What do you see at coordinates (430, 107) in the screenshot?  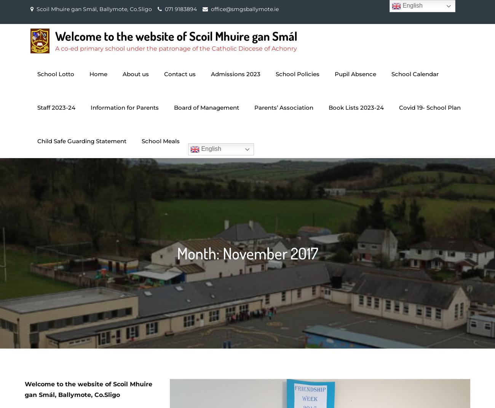 I see `'Covid 19- School Plan'` at bounding box center [430, 107].